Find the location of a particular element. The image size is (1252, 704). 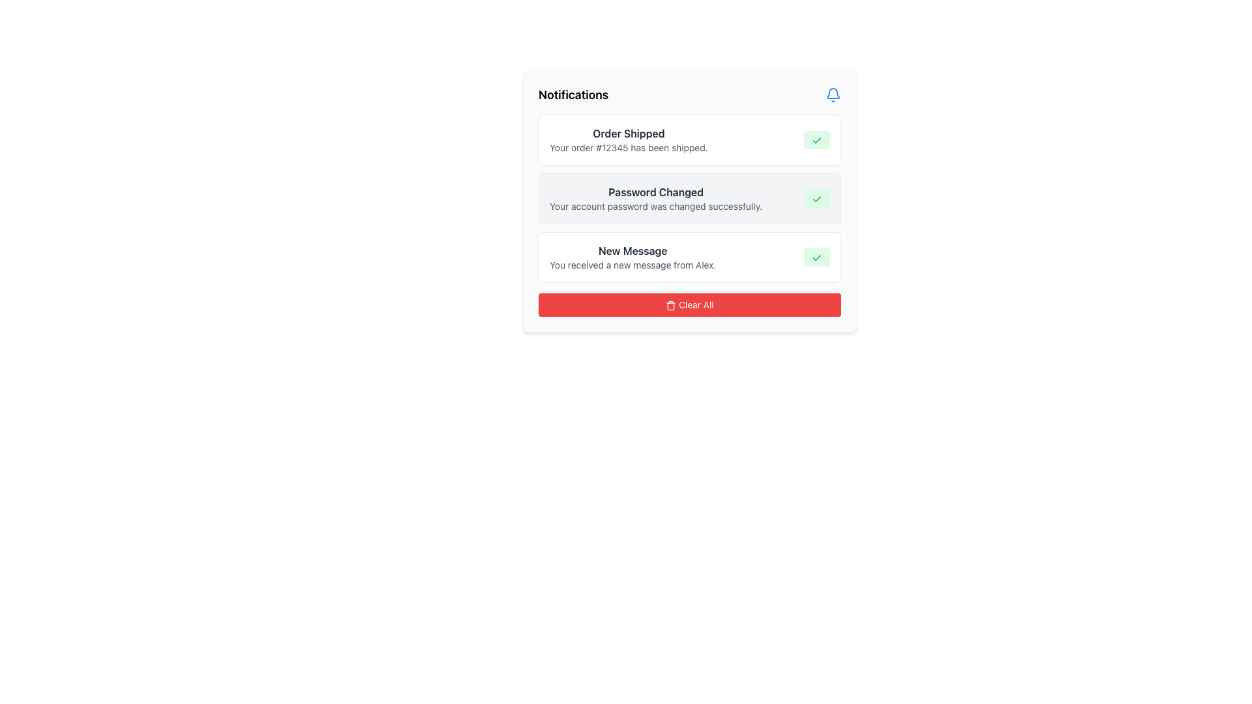

the checkmark SVG icon located within the 'Order Shipped' notification, positioned on the right side of the text field within a green-highlighted rounded rectangular background is located at coordinates (816, 141).